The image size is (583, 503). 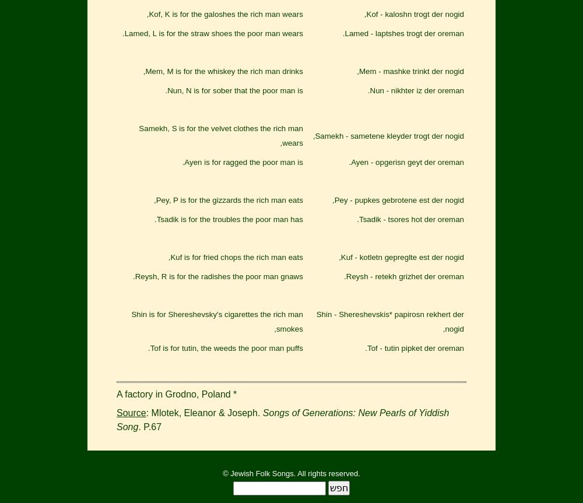 I want to click on 'Tof is for tutin, the weeds the poor man puffs.', so click(x=225, y=348).